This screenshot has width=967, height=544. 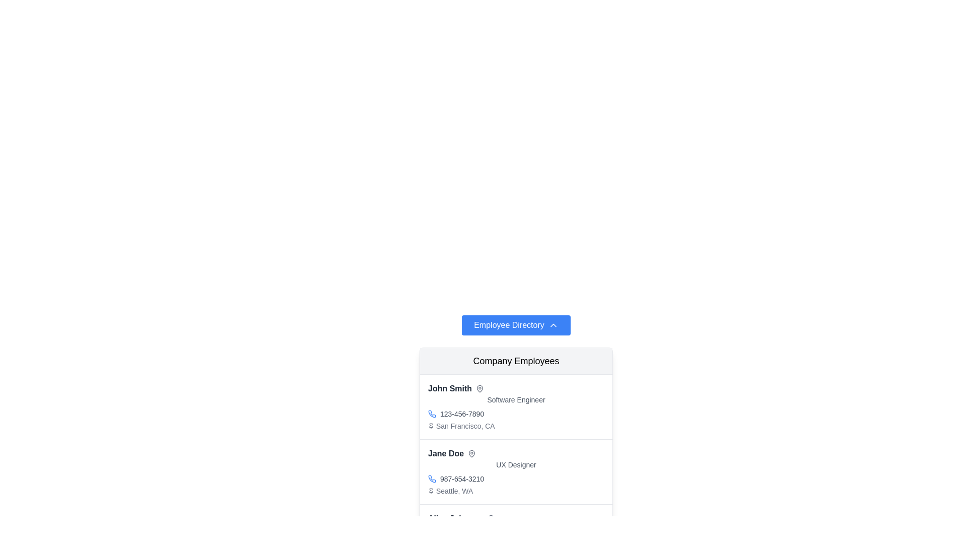 What do you see at coordinates (516, 361) in the screenshot?
I see `the static text label displaying 'Company Employees' at the top of the 'Employee Directory' dropdown panel` at bounding box center [516, 361].